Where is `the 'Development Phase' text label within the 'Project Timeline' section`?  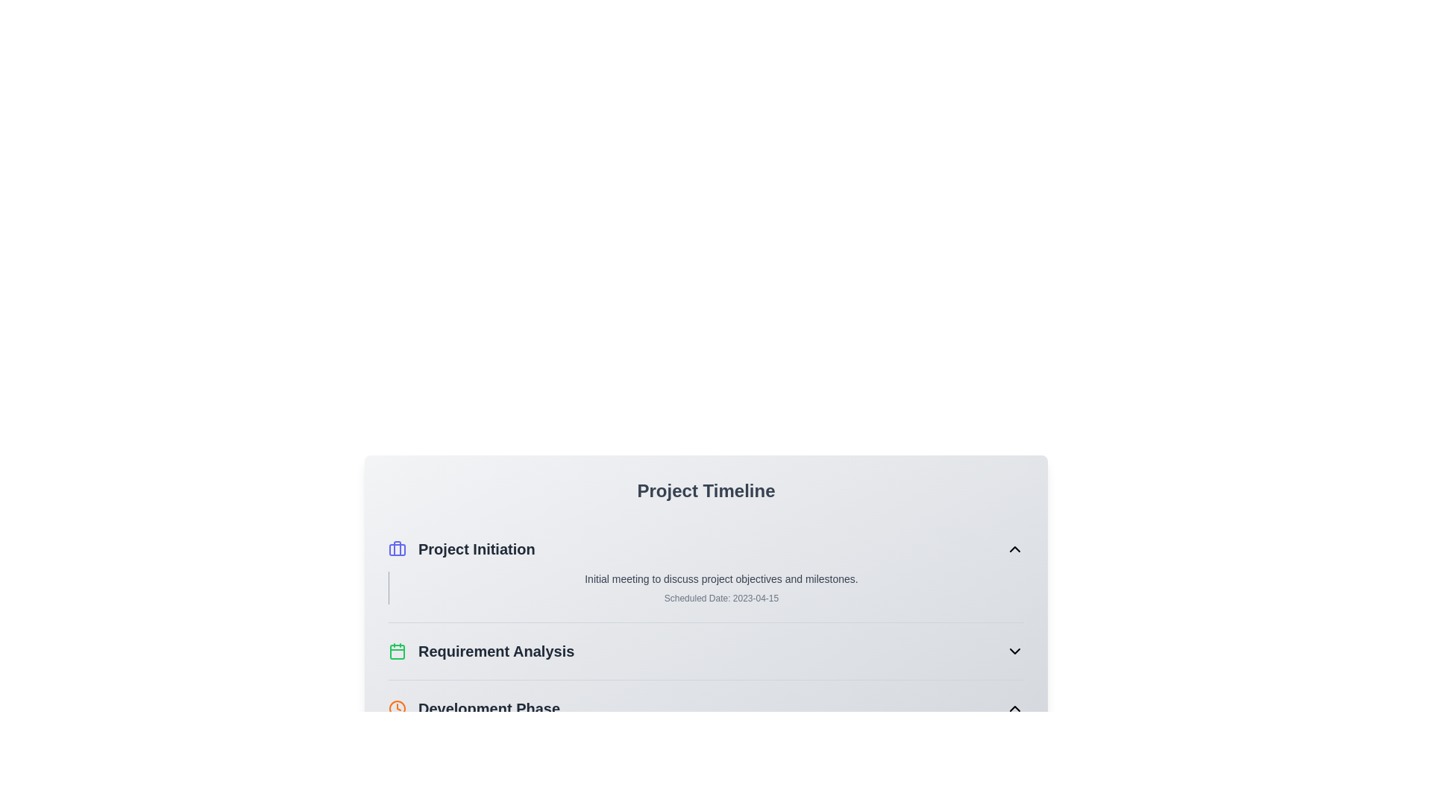 the 'Development Phase' text label within the 'Project Timeline' section is located at coordinates (489, 708).